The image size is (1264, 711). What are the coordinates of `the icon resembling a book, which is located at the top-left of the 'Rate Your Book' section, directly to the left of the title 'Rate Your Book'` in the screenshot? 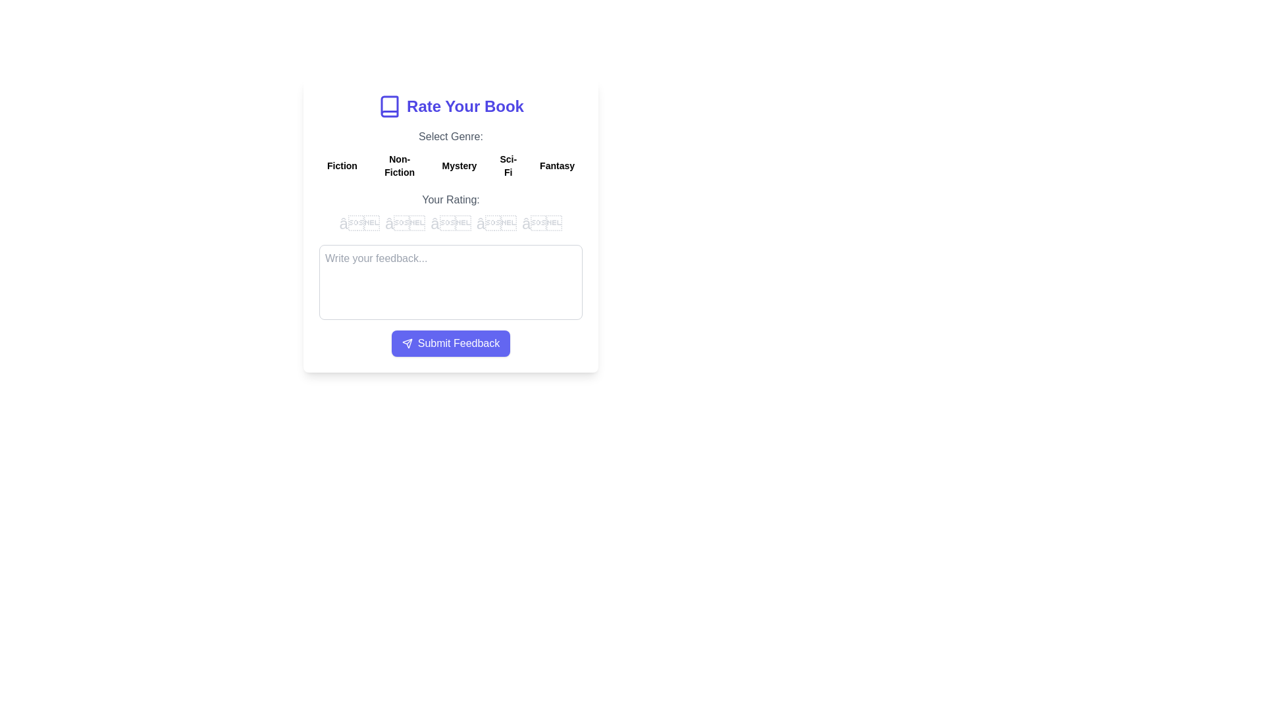 It's located at (389, 106).